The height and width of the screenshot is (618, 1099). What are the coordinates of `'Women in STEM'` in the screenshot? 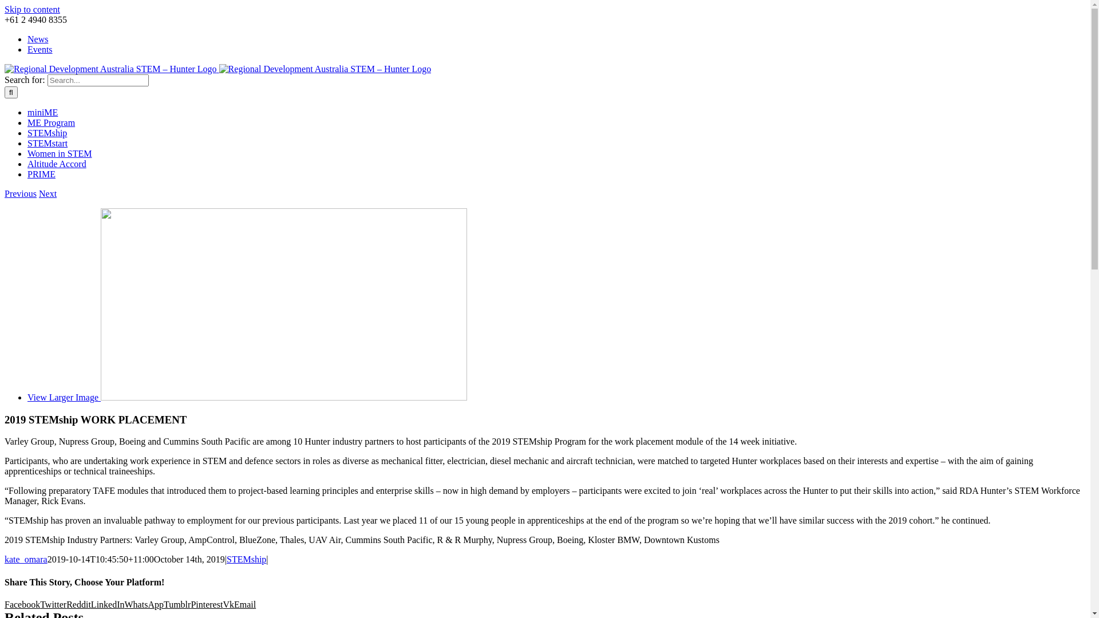 It's located at (59, 153).